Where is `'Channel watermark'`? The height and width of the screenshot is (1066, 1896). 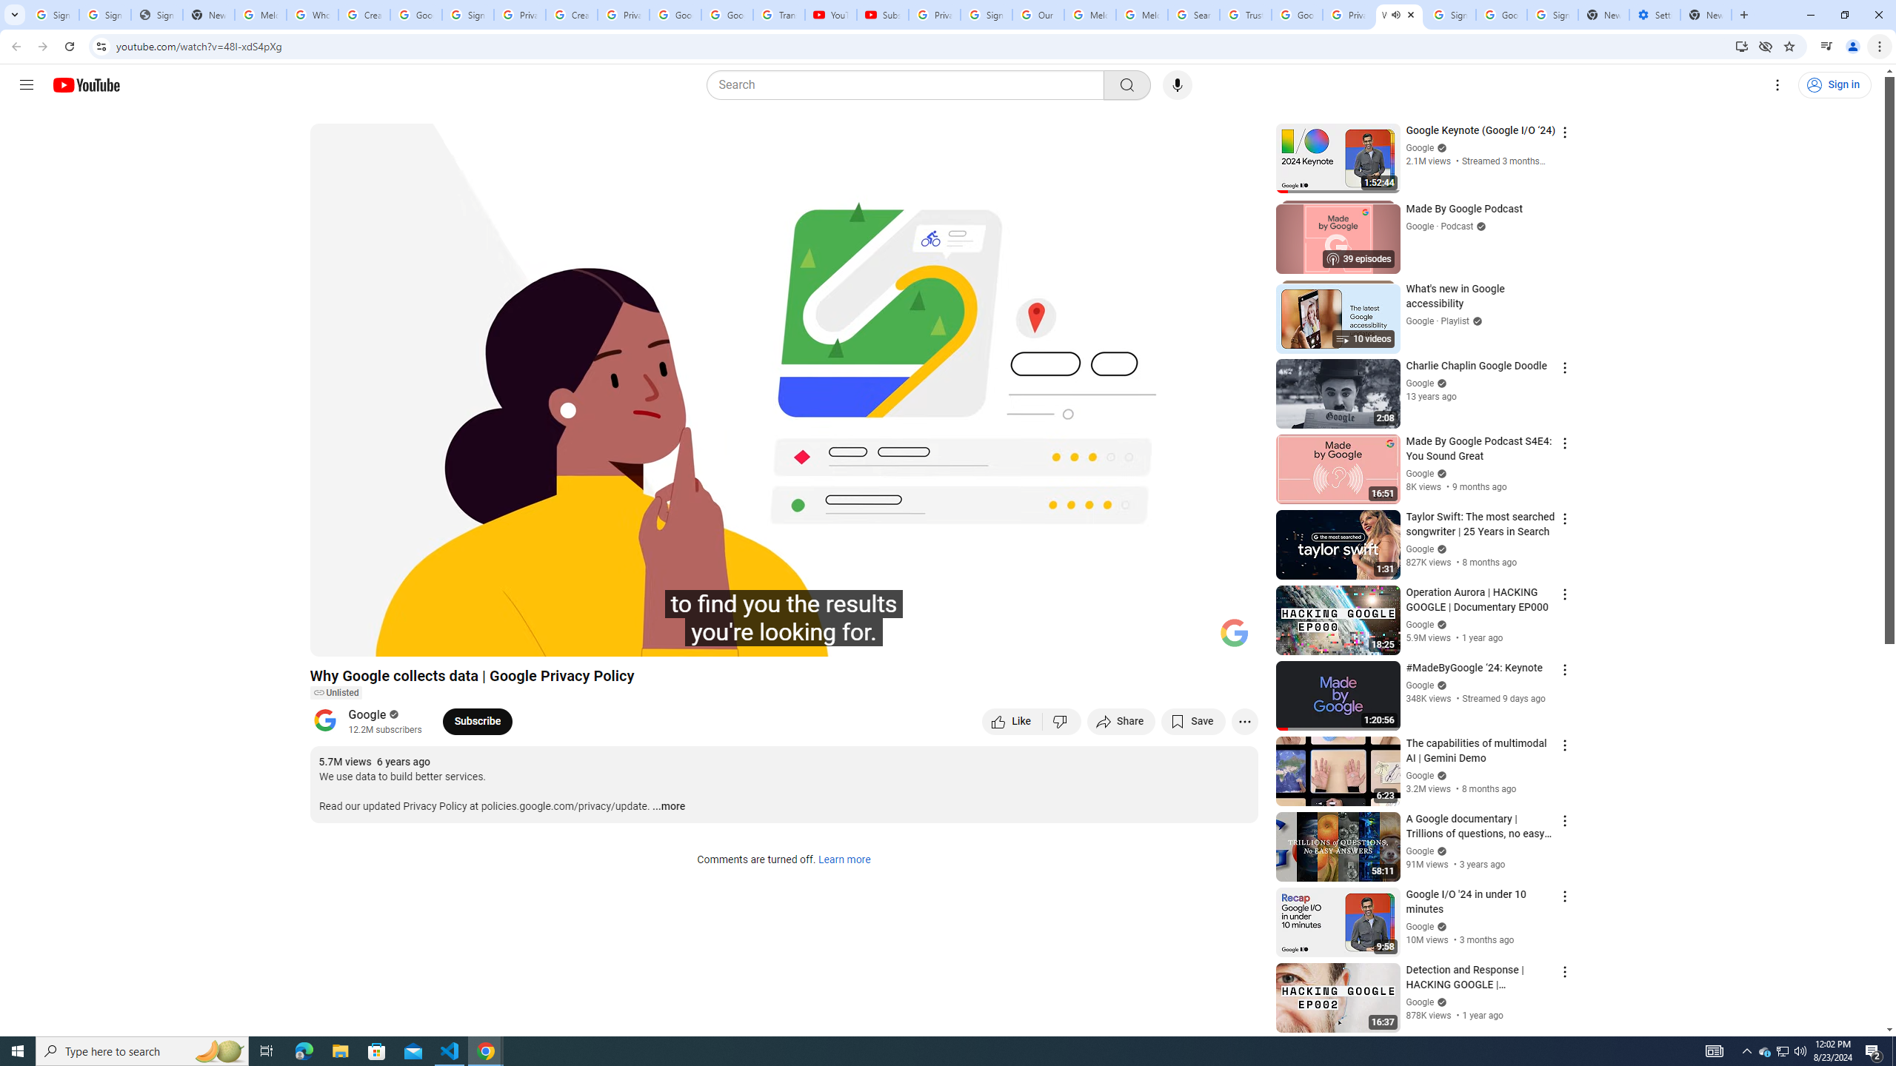
'Channel watermark' is located at coordinates (1234, 632).